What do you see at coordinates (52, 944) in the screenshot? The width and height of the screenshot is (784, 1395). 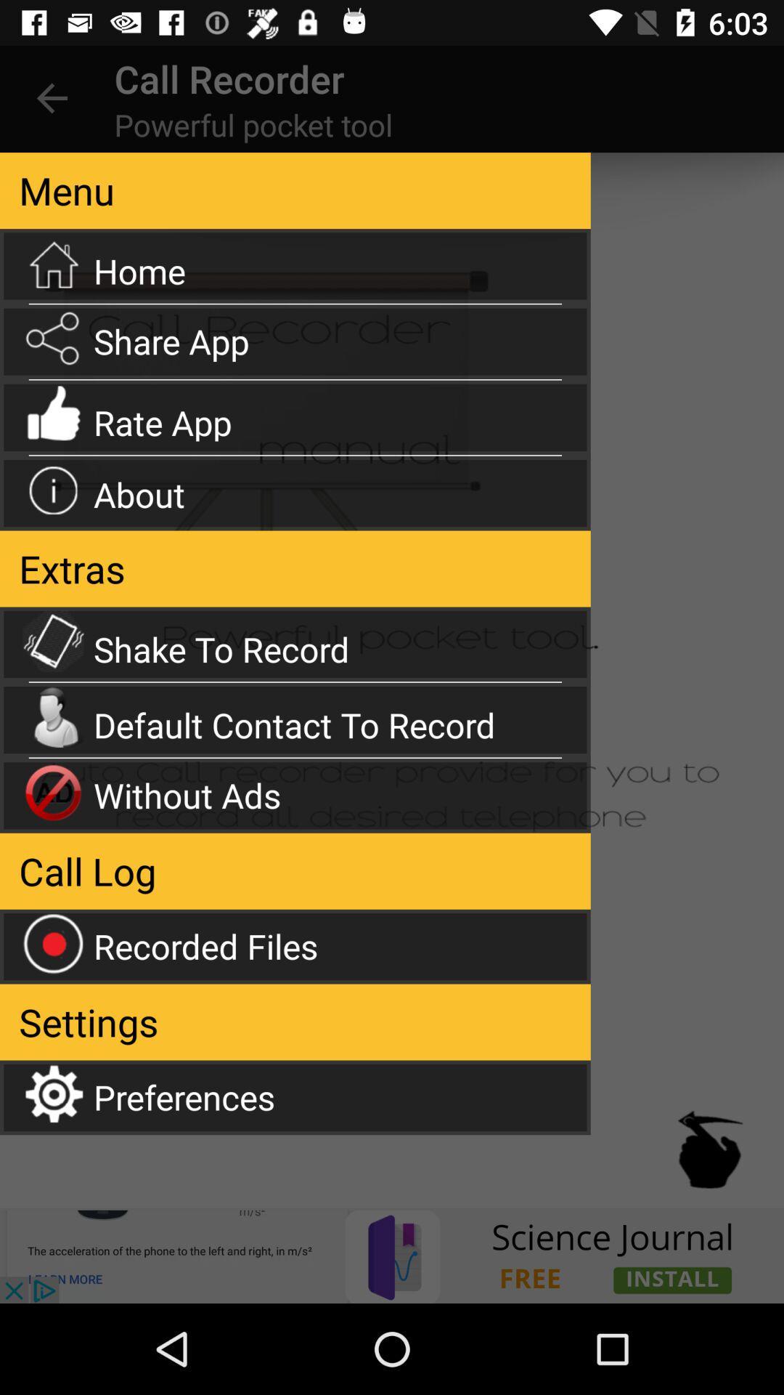 I see `the icon which is left side of the recorded files` at bounding box center [52, 944].